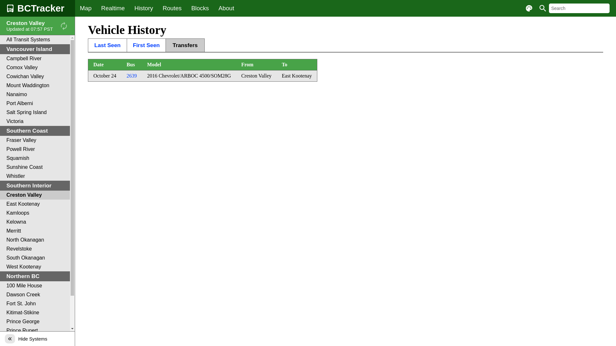  What do you see at coordinates (35, 248) in the screenshot?
I see `'Revelstoke'` at bounding box center [35, 248].